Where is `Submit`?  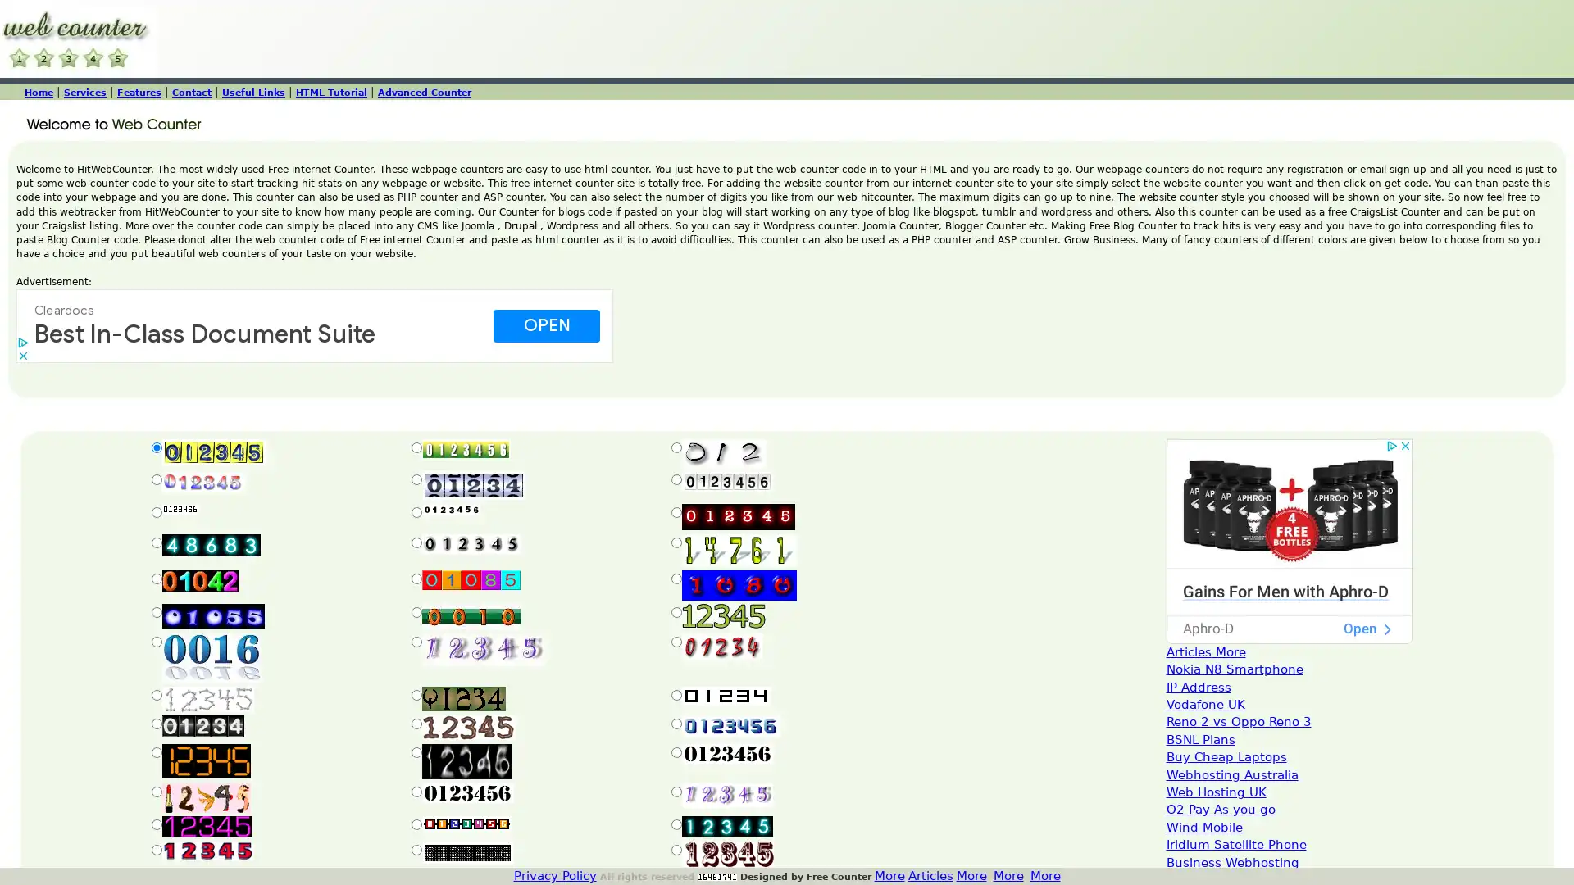
Submit is located at coordinates (464, 448).